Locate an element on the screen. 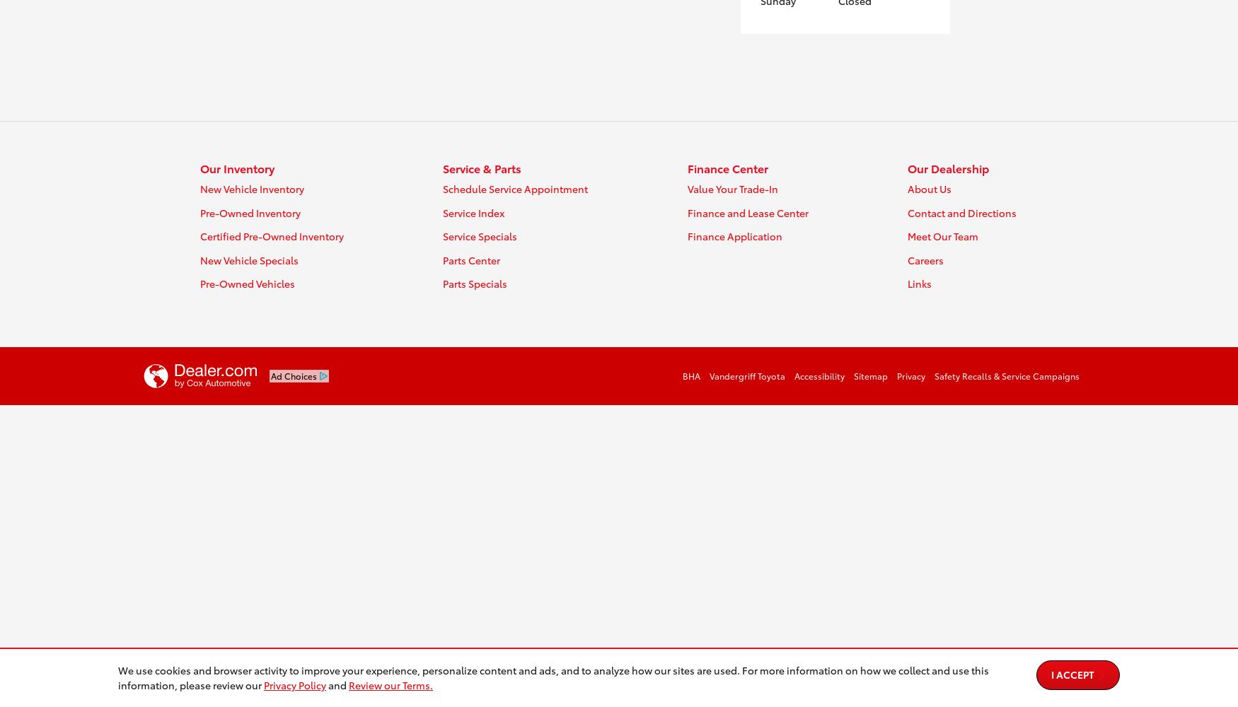 The image size is (1238, 707). 'Safety Recalls & Service Campaigns' is located at coordinates (1006, 375).